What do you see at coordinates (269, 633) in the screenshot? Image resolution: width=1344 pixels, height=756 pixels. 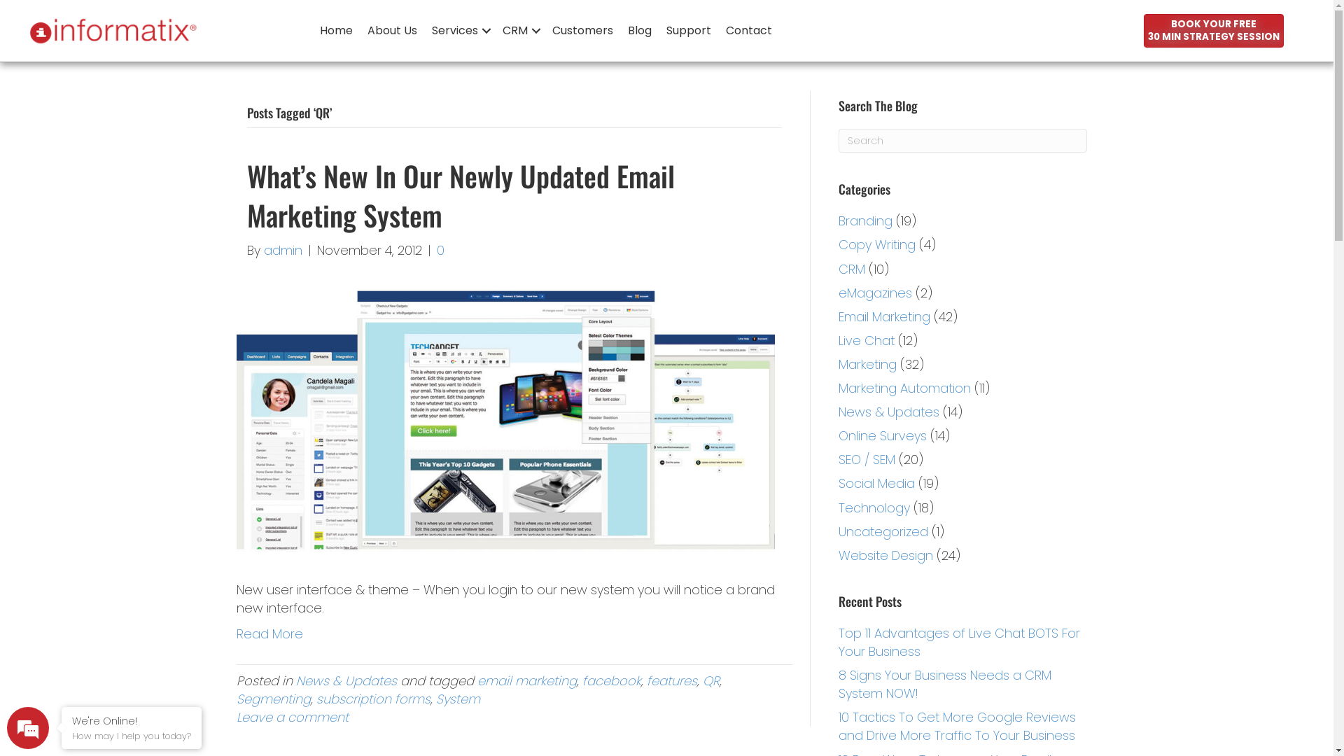 I see `'Read More'` at bounding box center [269, 633].